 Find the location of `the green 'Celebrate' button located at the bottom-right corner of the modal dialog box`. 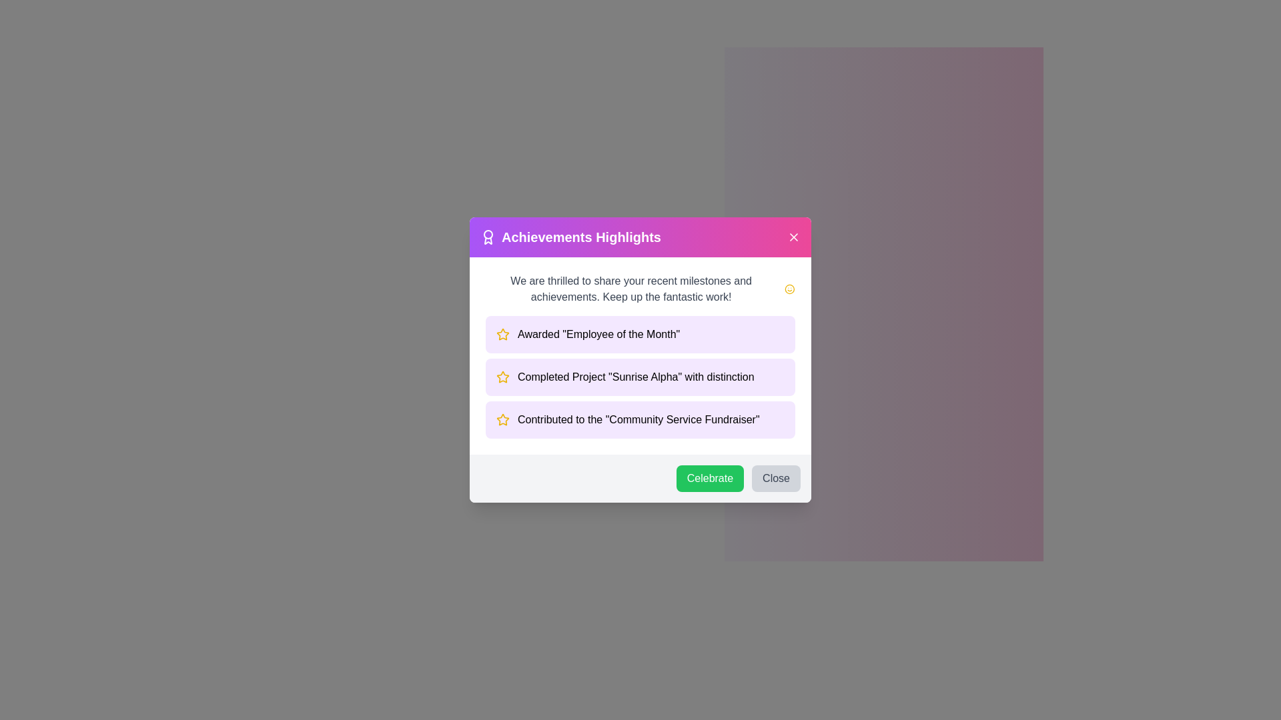

the green 'Celebrate' button located at the bottom-right corner of the modal dialog box is located at coordinates (709, 477).